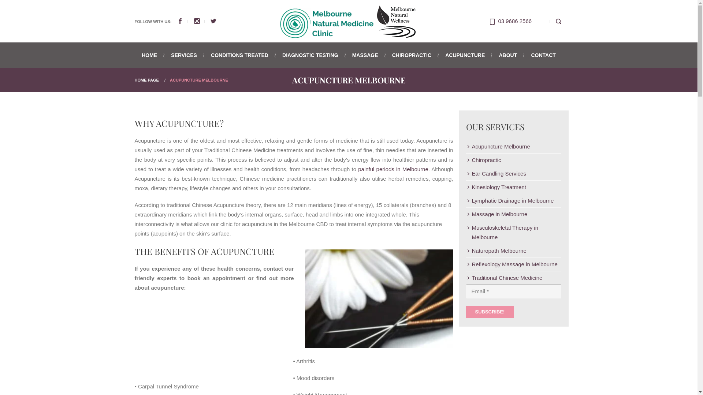 This screenshot has width=703, height=395. What do you see at coordinates (507, 54) in the screenshot?
I see `'ABOUT'` at bounding box center [507, 54].